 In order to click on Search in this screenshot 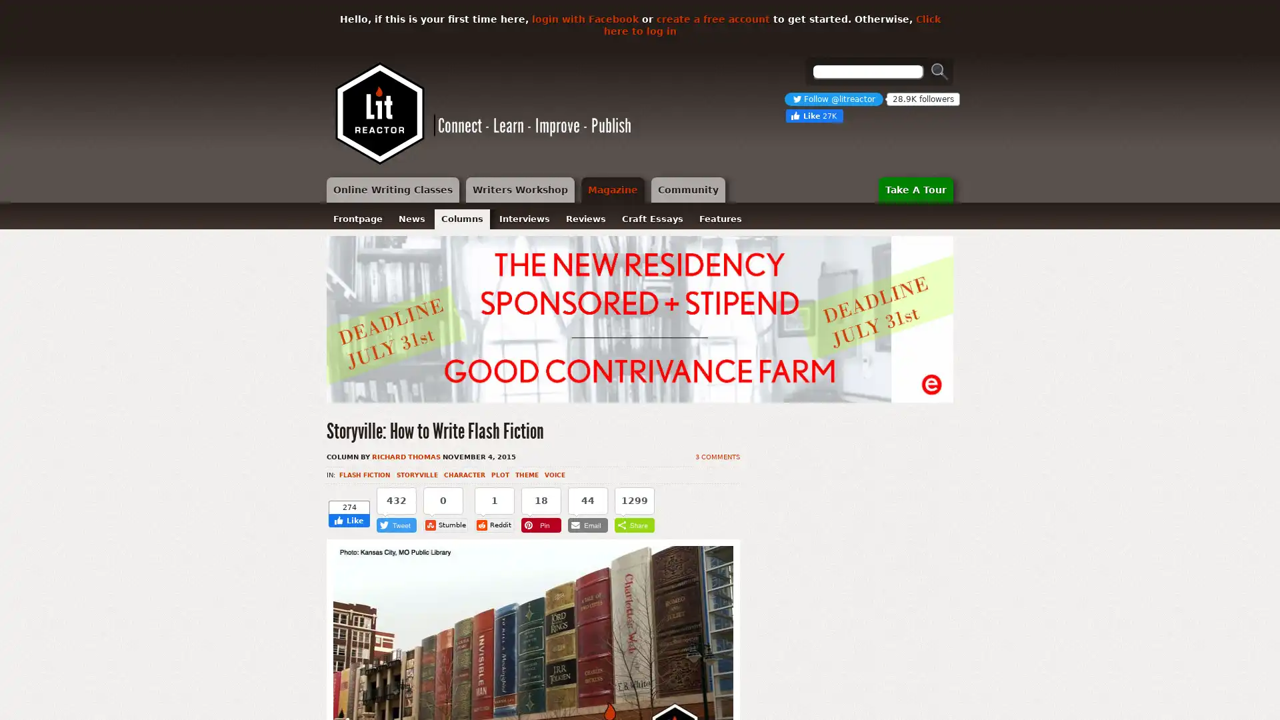, I will do `click(939, 71)`.